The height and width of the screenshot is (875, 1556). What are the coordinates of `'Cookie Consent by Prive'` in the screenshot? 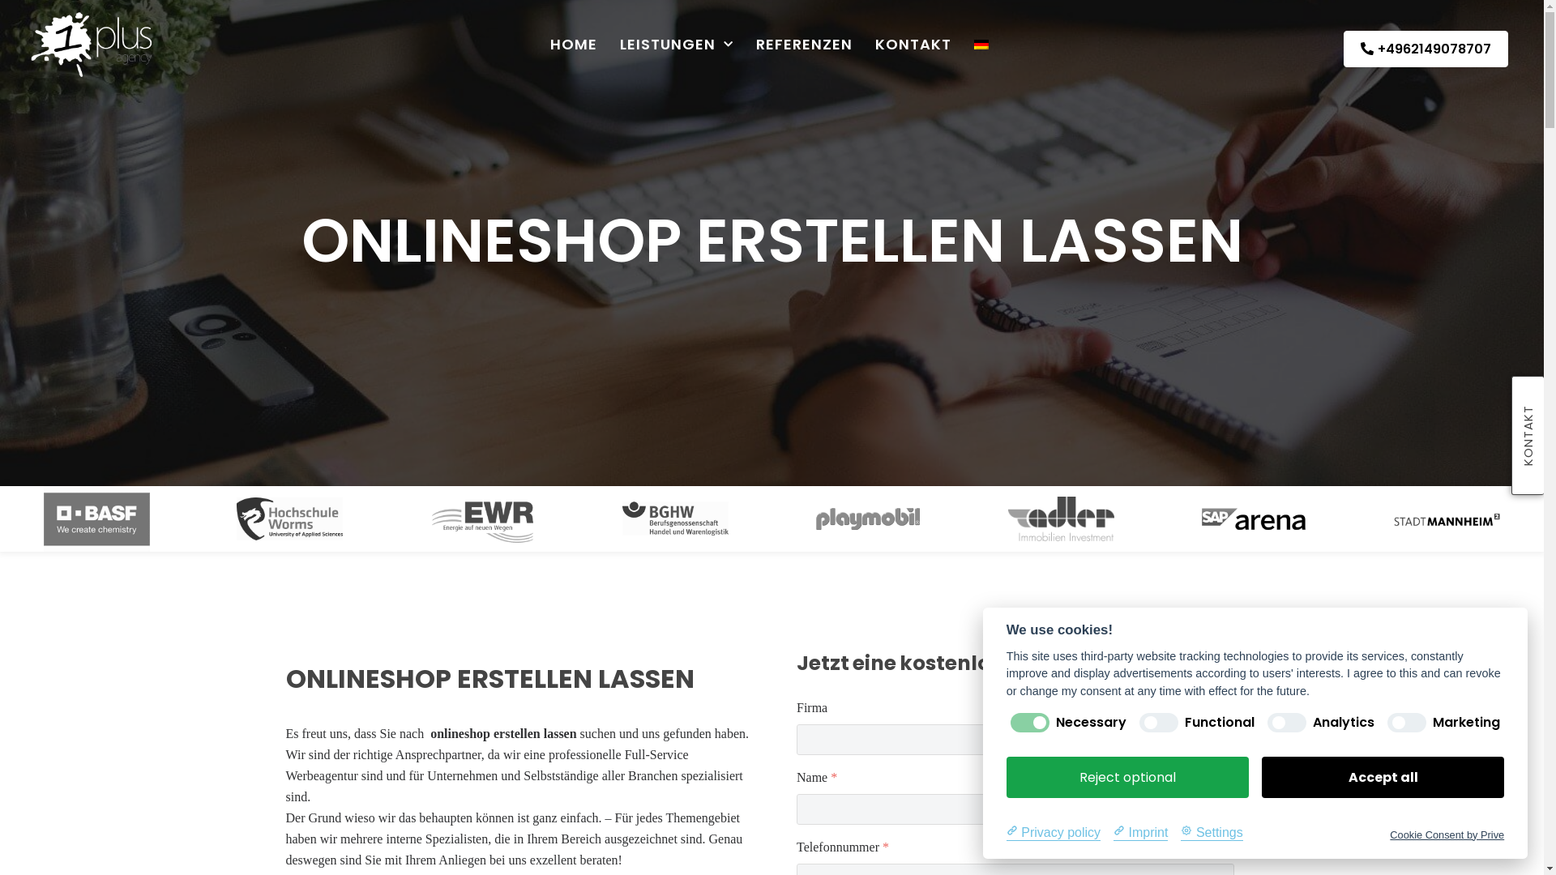 It's located at (1447, 834).